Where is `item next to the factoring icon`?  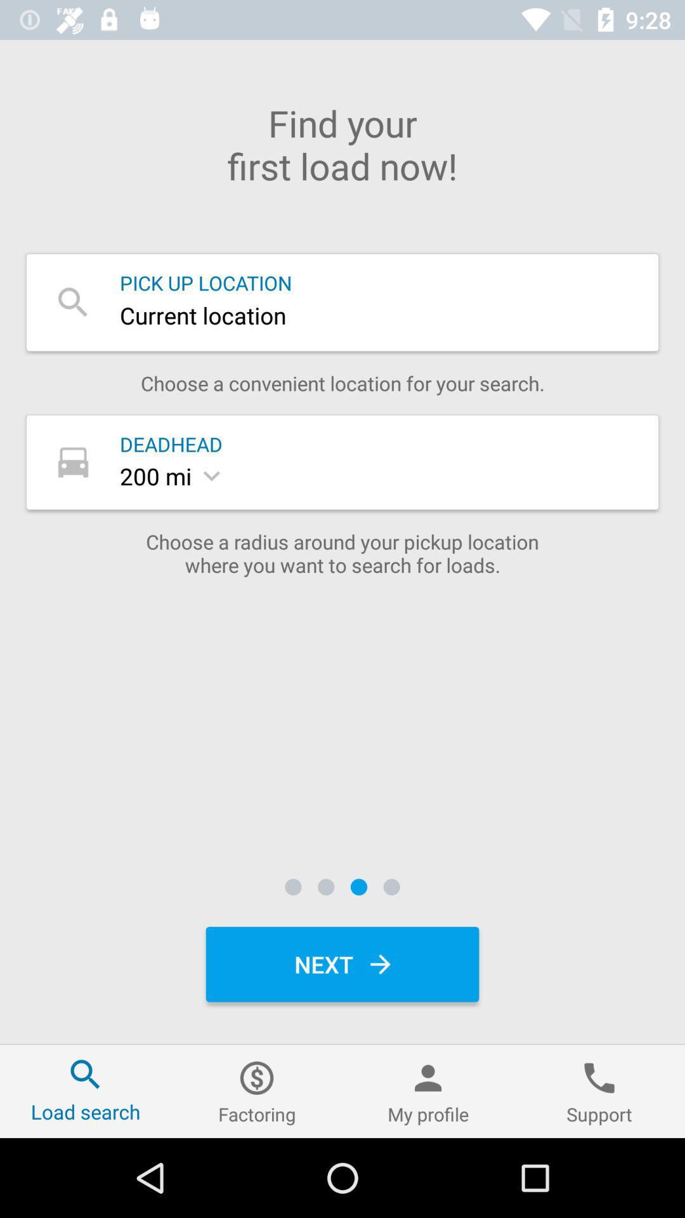 item next to the factoring icon is located at coordinates (428, 1090).